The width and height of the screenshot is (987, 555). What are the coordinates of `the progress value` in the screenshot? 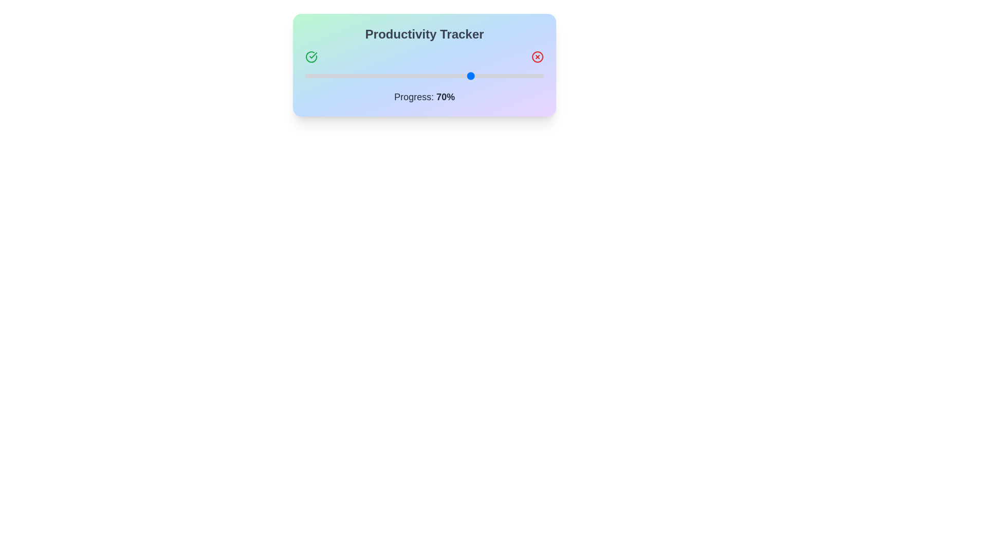 It's located at (460, 75).